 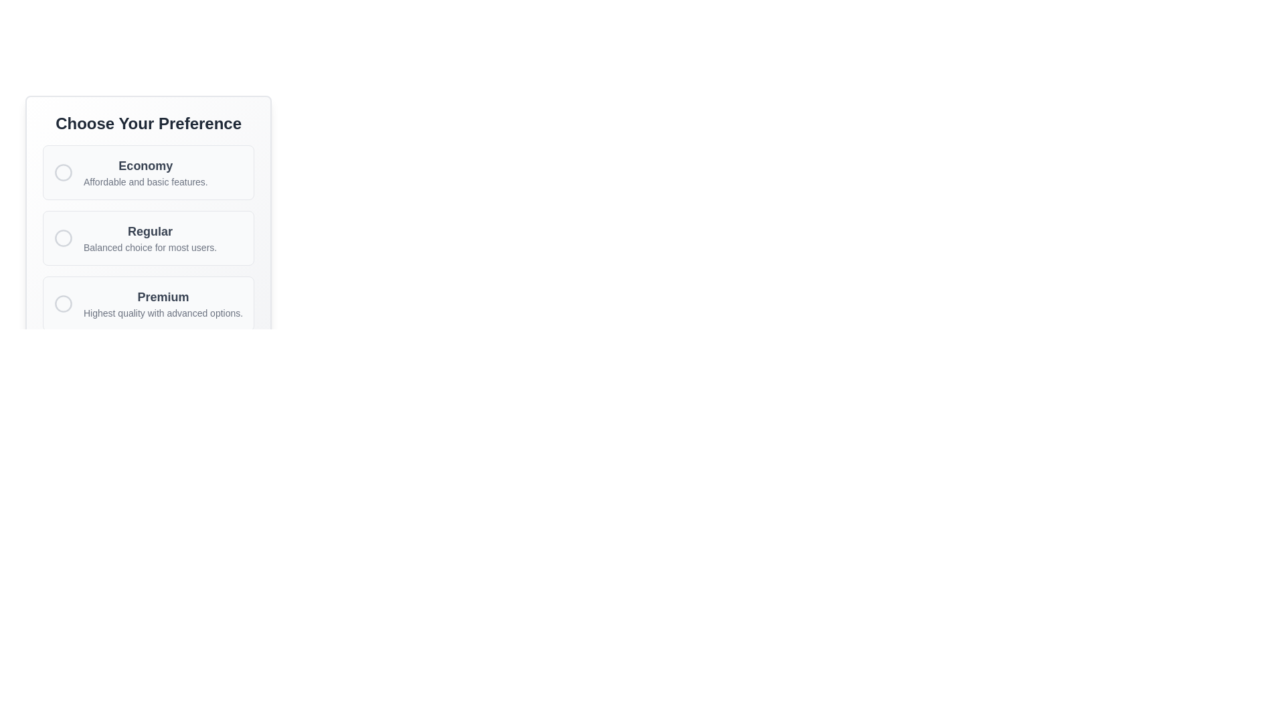 I want to click on the descriptive text element that displays 'Highest quality with advanced options.' in the 'Premium' section of the options list, so click(x=163, y=313).